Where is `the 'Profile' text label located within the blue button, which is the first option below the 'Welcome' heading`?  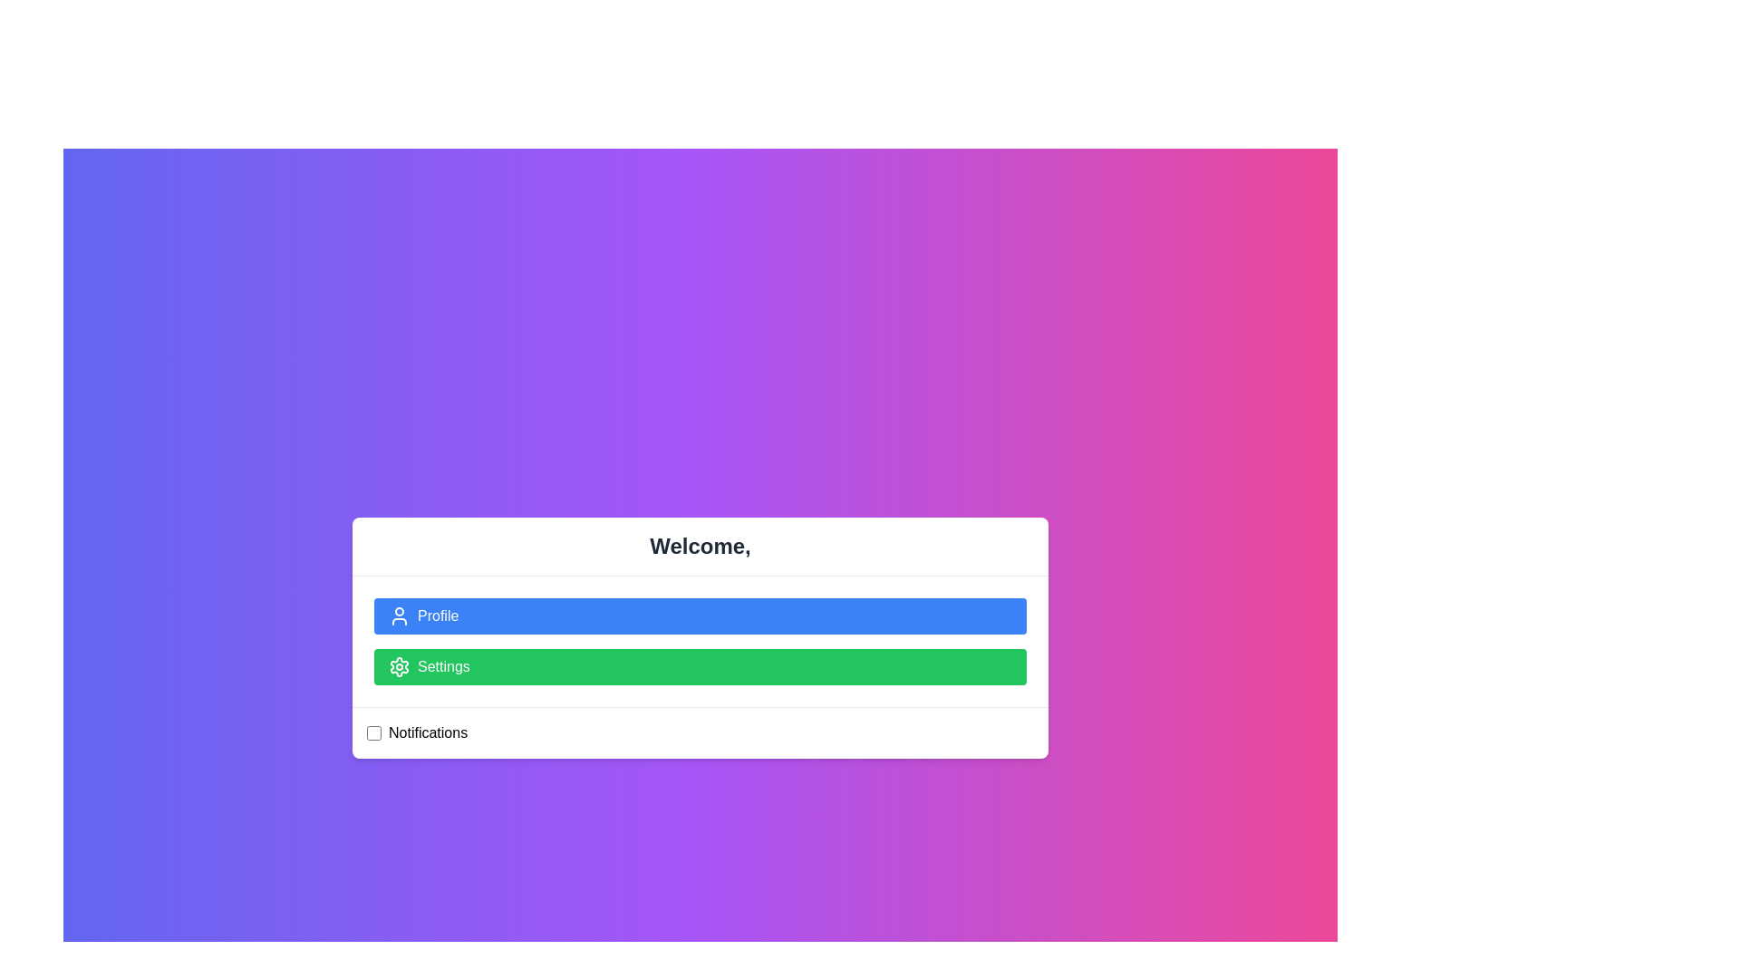 the 'Profile' text label located within the blue button, which is the first option below the 'Welcome' heading is located at coordinates (438, 615).